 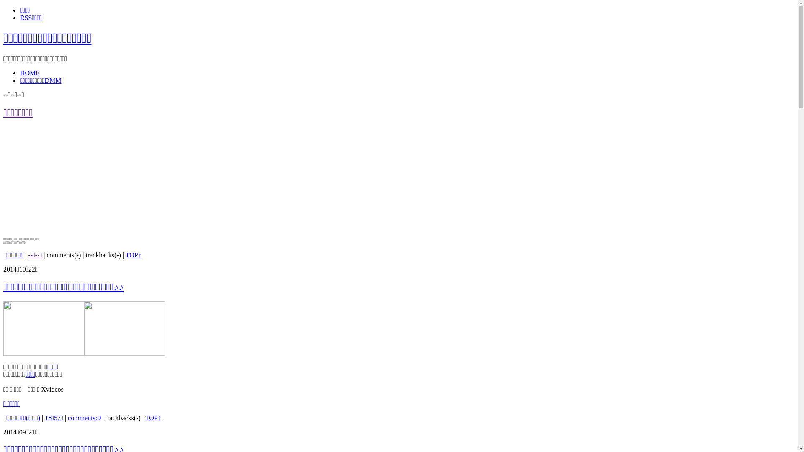 What do you see at coordinates (84, 418) in the screenshot?
I see `'comments:0'` at bounding box center [84, 418].